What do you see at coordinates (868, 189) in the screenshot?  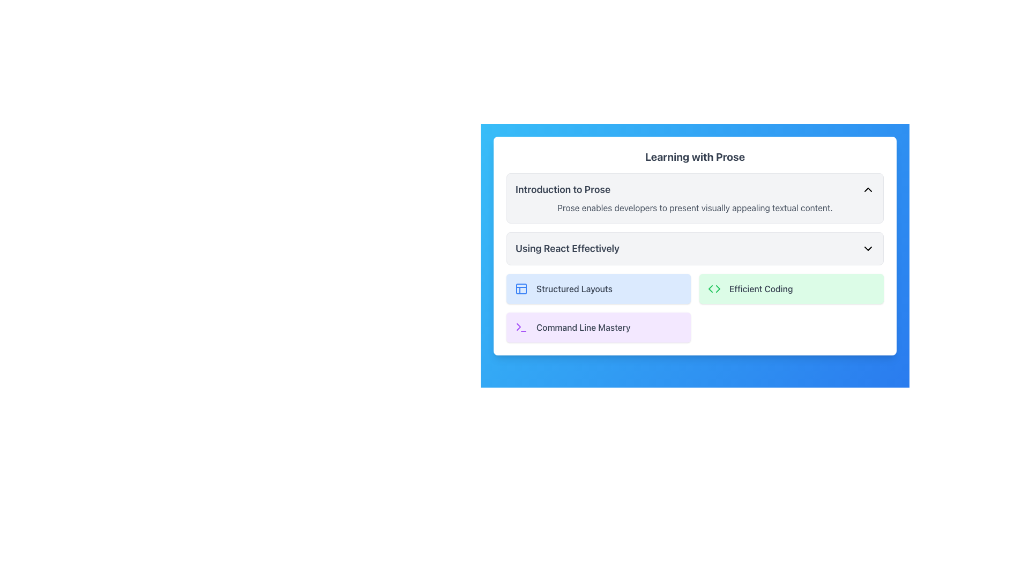 I see `the toggle button on the far-right of the 'Introduction to Prose' section` at bounding box center [868, 189].